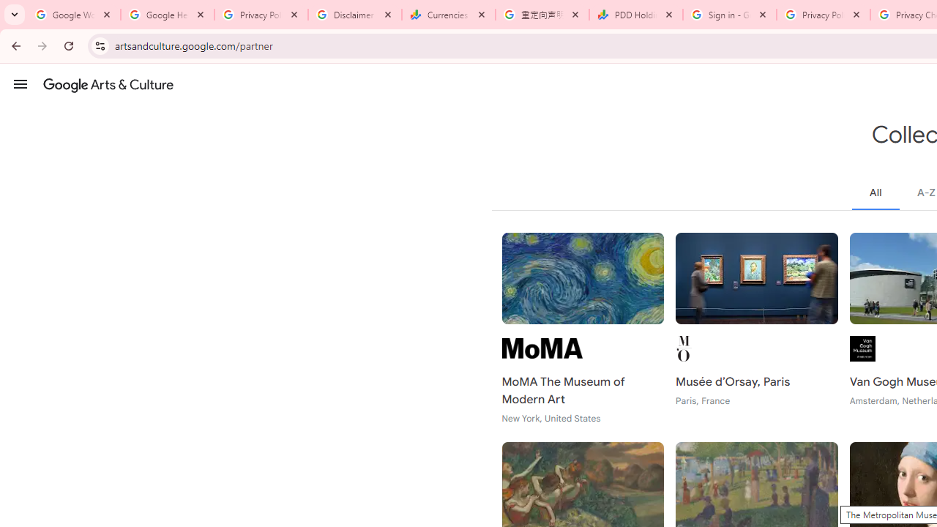  Describe the element at coordinates (876, 192) in the screenshot. I see `'All'` at that location.